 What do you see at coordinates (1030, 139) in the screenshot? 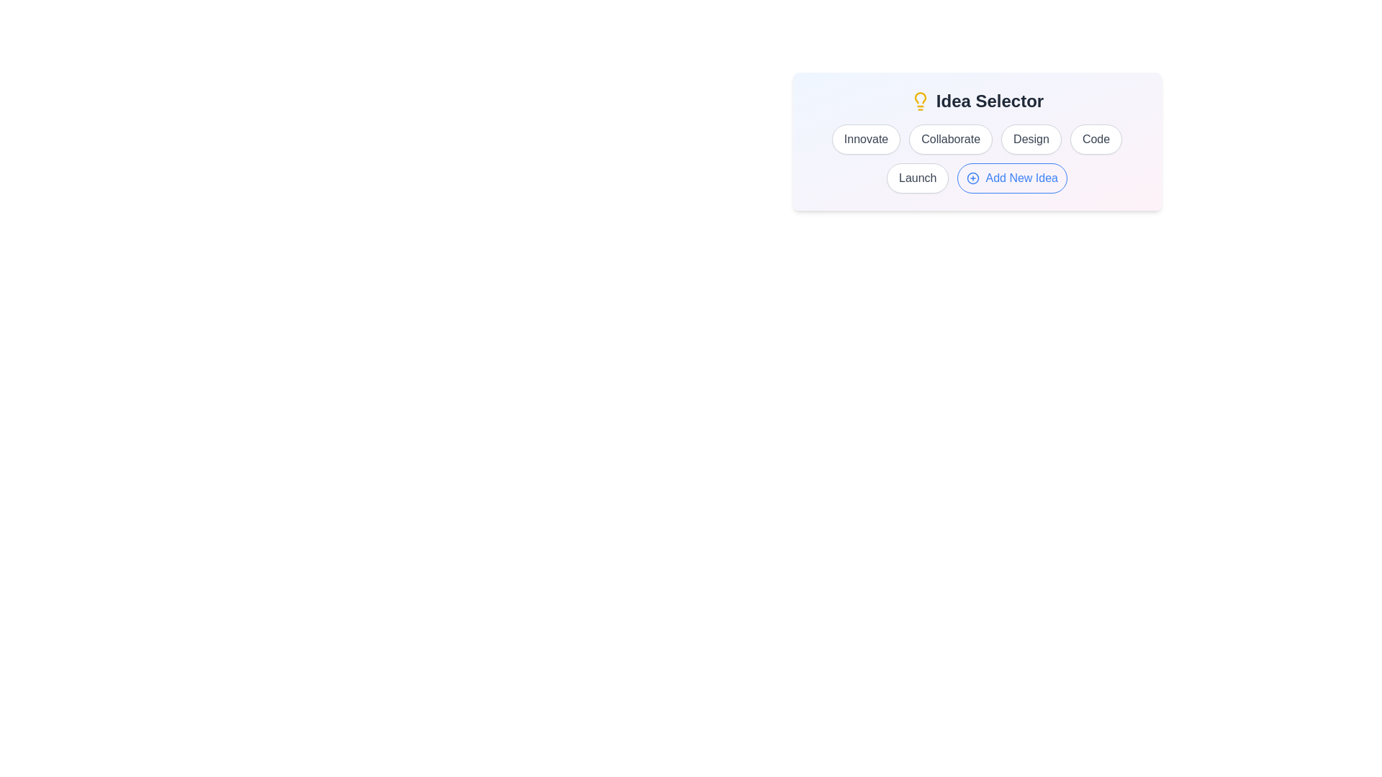
I see `the Design button to observe its hover effect` at bounding box center [1030, 139].